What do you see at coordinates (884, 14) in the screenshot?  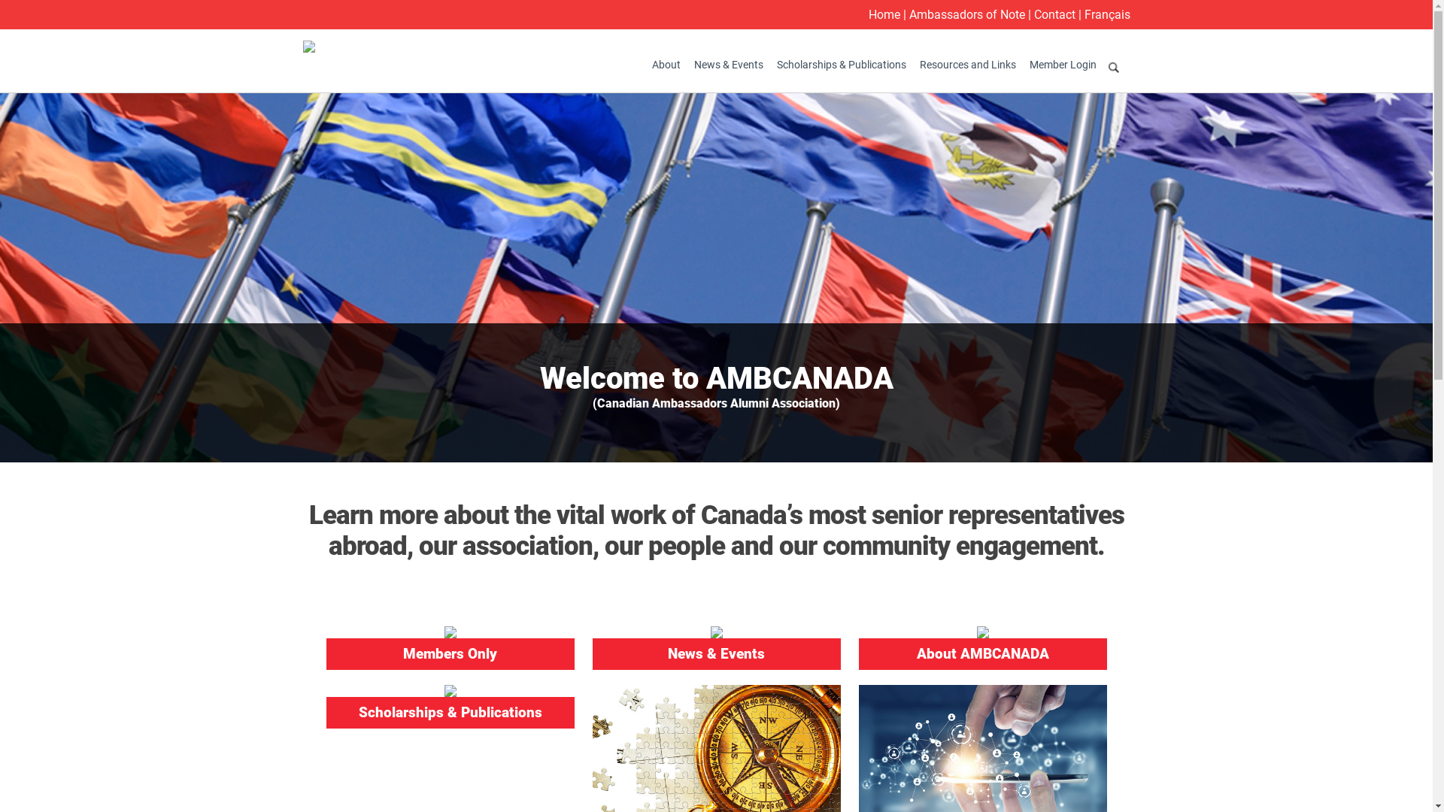 I see `'Home'` at bounding box center [884, 14].